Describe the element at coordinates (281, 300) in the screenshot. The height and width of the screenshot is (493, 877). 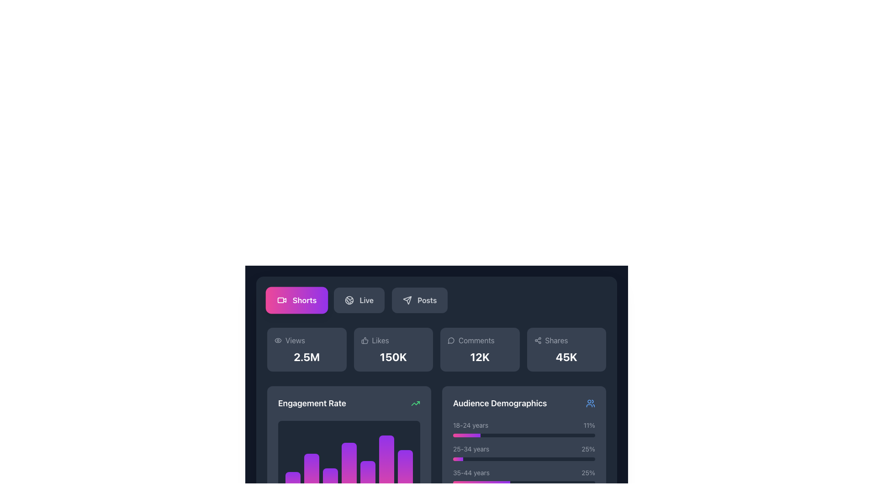
I see `the 'Shorts' SVG icon located on the left side within the 'Shorts' button group at the top of the user interface` at that location.